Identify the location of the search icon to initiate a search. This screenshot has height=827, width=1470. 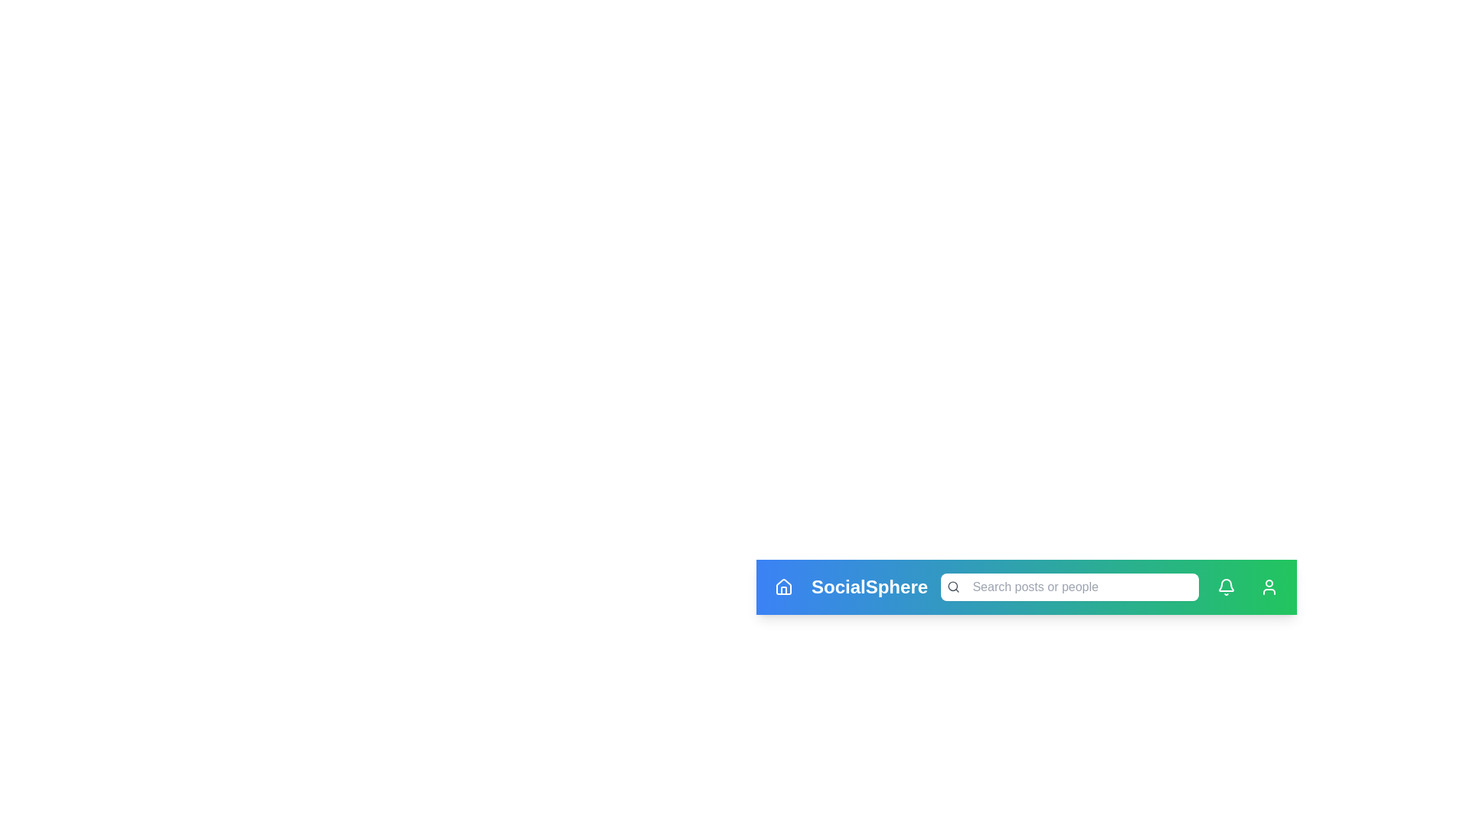
(952, 587).